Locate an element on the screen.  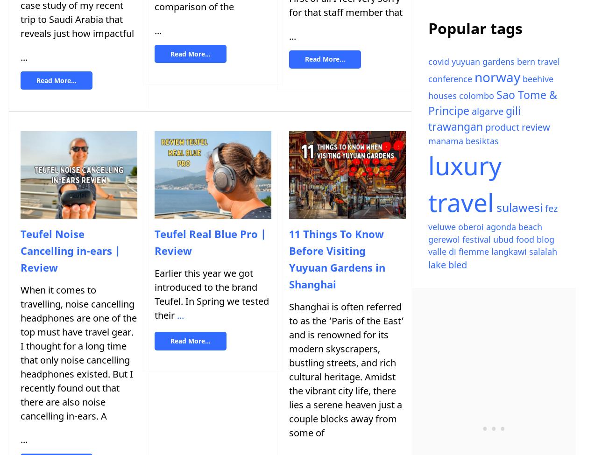
'oberoi' is located at coordinates (471, 227).